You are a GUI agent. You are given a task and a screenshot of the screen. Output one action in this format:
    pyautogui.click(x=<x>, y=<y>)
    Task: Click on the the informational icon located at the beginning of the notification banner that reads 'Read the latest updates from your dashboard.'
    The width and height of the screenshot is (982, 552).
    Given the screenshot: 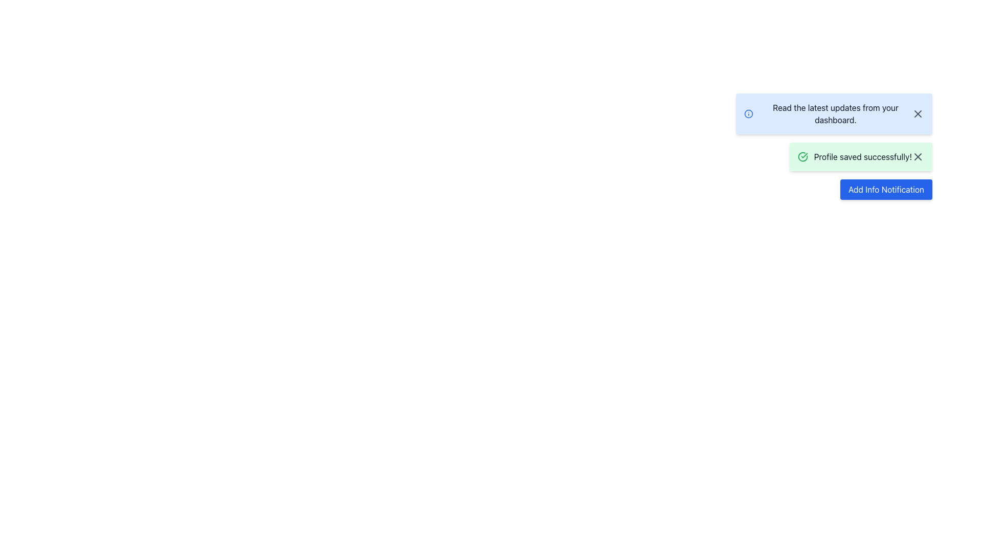 What is the action you would take?
    pyautogui.click(x=749, y=114)
    